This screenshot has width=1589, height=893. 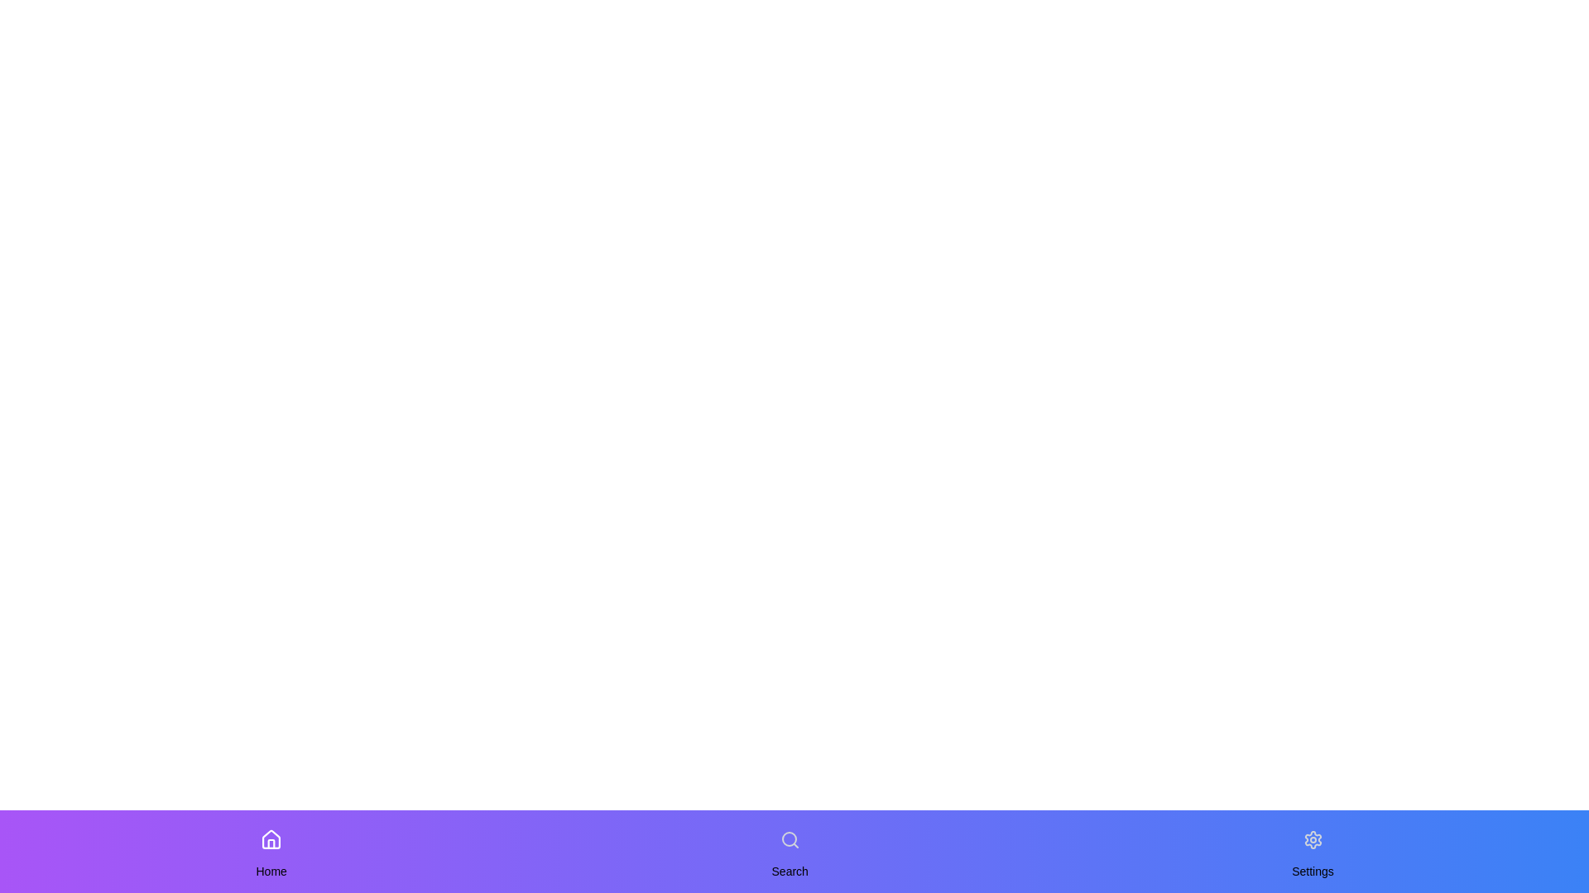 I want to click on the navigation item Search to change the active state, so click(x=789, y=839).